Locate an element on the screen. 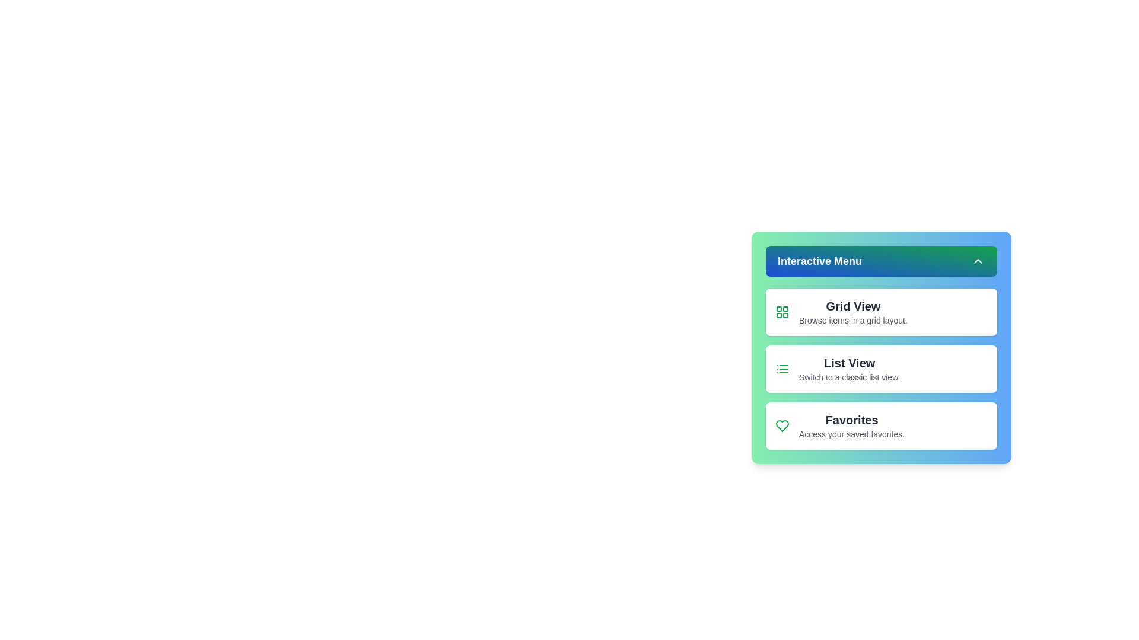  the menu item Favorites to observe its hover effect is located at coordinates (882, 425).